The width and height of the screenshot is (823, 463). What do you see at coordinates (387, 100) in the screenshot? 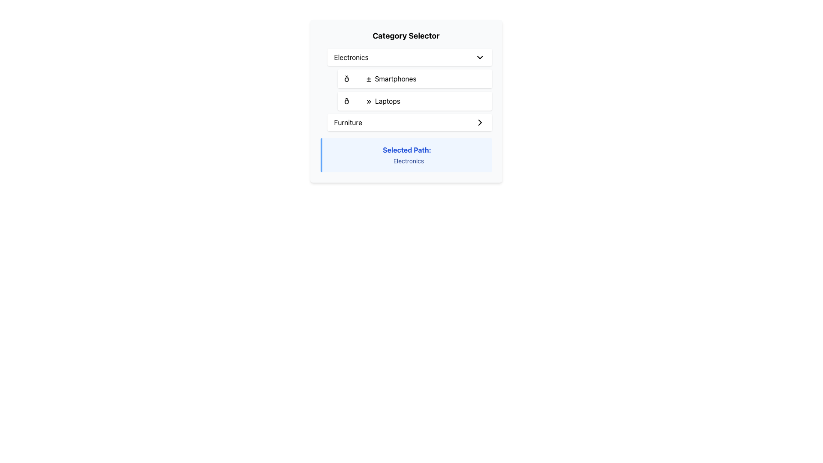
I see `the 'Laptops' text label, which is a bold sans-serif font positioned to the right of a right-facing arrow icon under the 'Category Selector' dropdown` at bounding box center [387, 100].